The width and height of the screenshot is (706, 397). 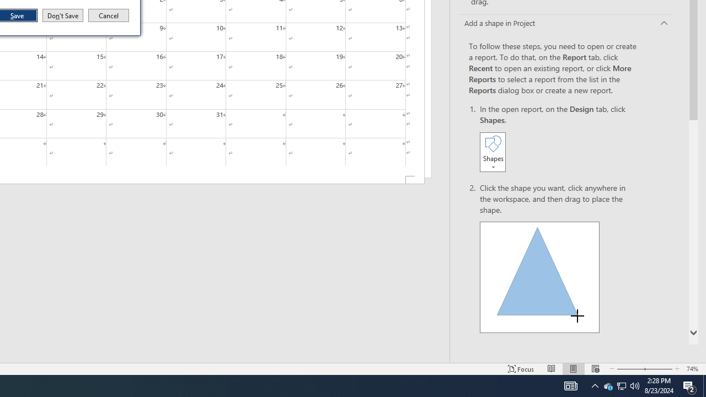 I want to click on 'AutomationID: 4105', so click(x=570, y=385).